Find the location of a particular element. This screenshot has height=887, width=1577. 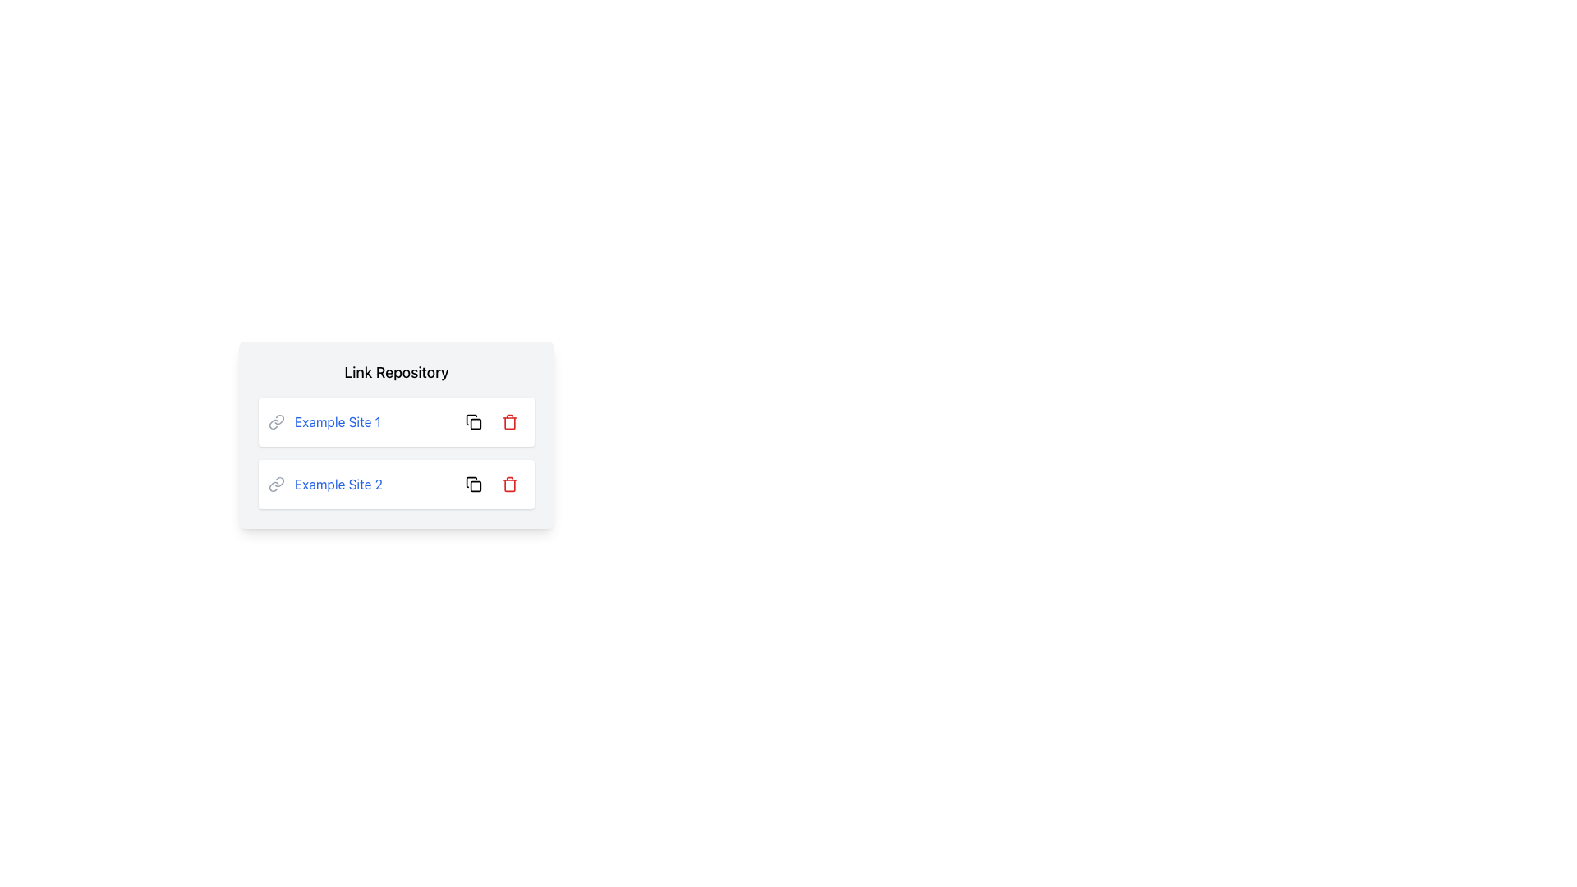

the copy button, which is an icon resembling two overlapping rectangular shapes, located to the right of the 'Example Site 2' text label is located at coordinates (472, 421).